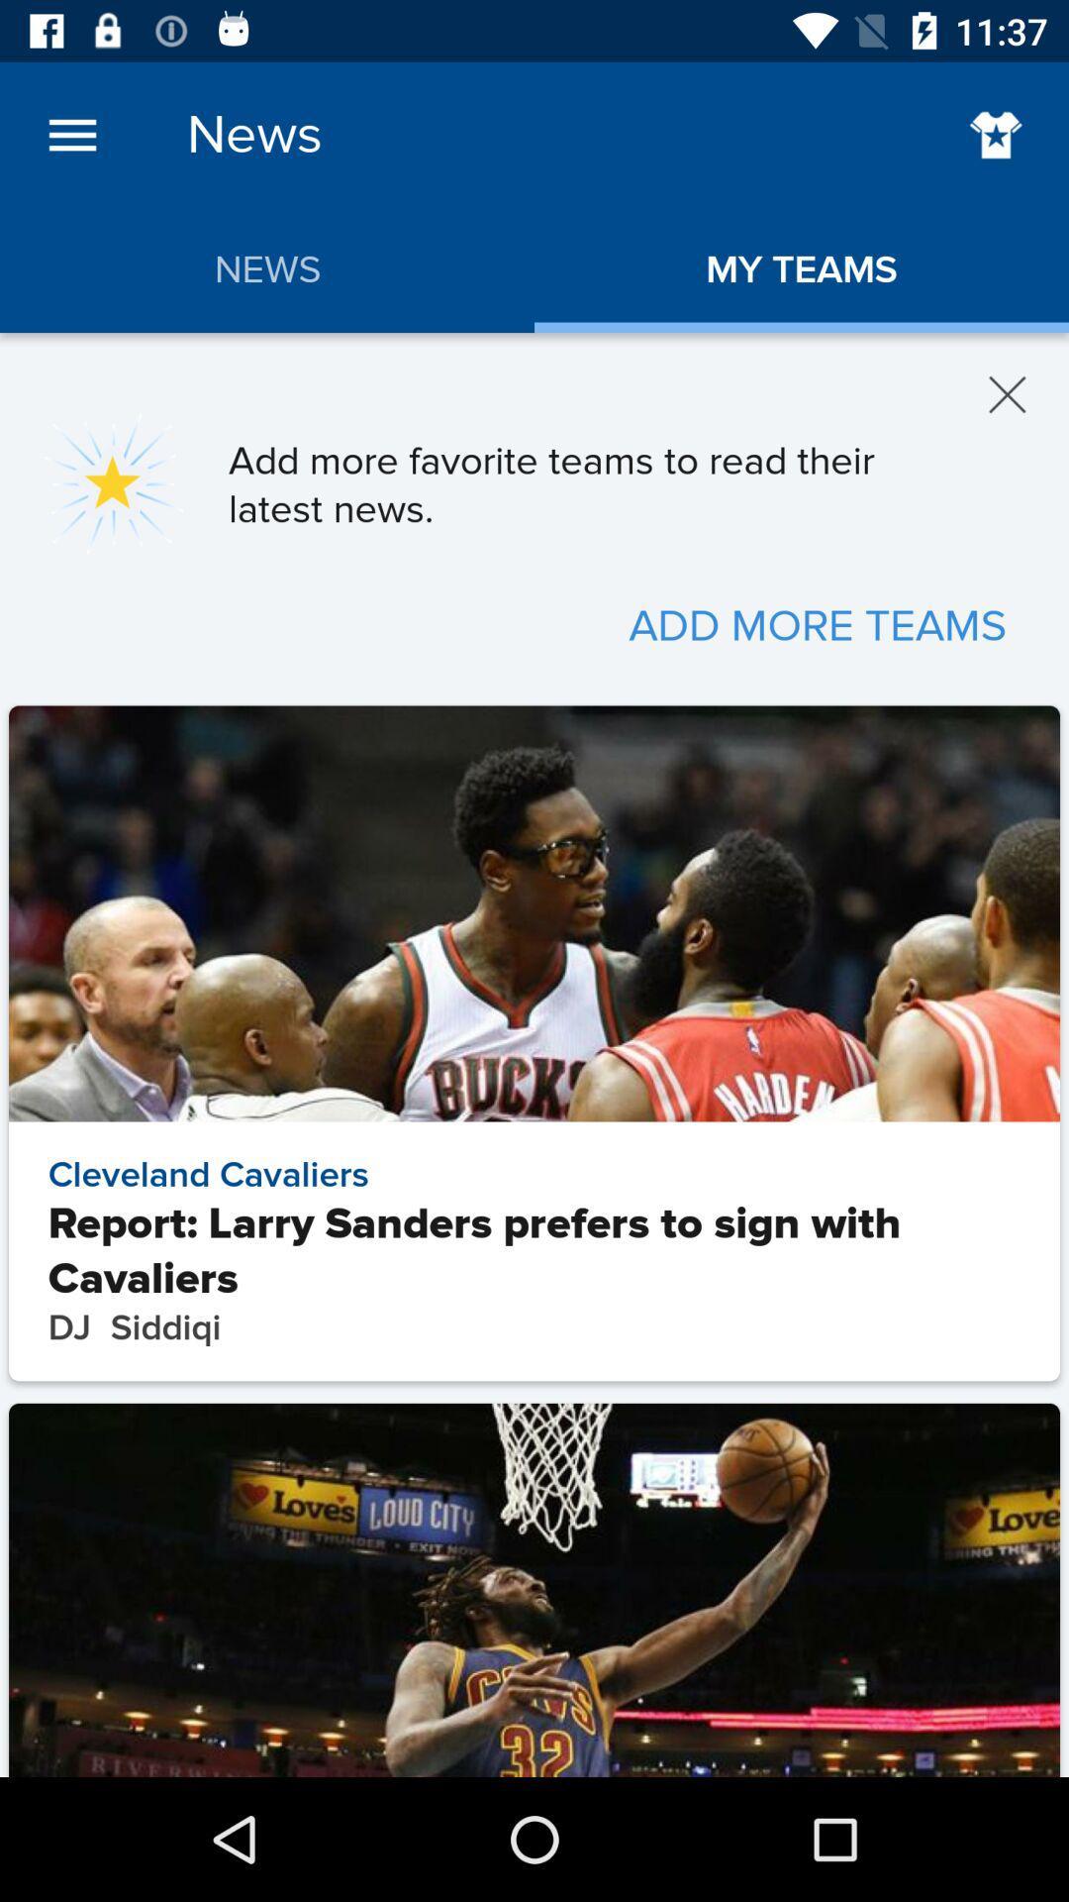 The width and height of the screenshot is (1069, 1902). Describe the element at coordinates (1008, 394) in the screenshot. I see `pop up` at that location.